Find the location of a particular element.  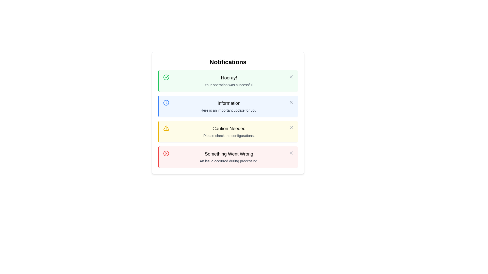

the dismiss button, which is a gray 'X' icon located at the top-right corner of the notification box containing the 'Information' title is located at coordinates (291, 102).